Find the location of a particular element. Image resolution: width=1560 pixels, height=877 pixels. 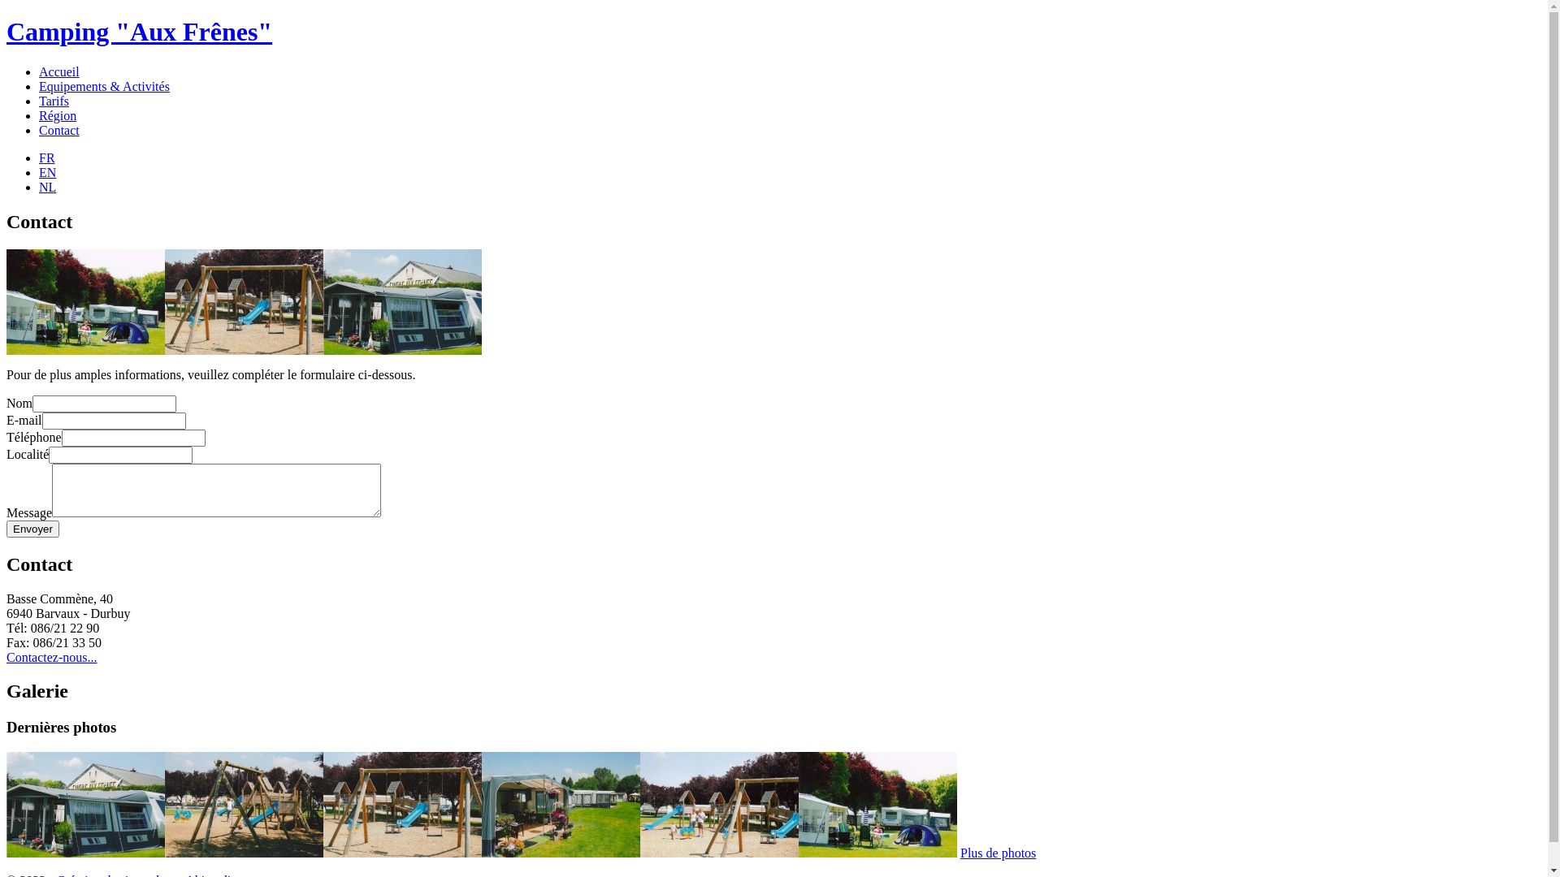

'Aire de camping' is located at coordinates (84, 349).